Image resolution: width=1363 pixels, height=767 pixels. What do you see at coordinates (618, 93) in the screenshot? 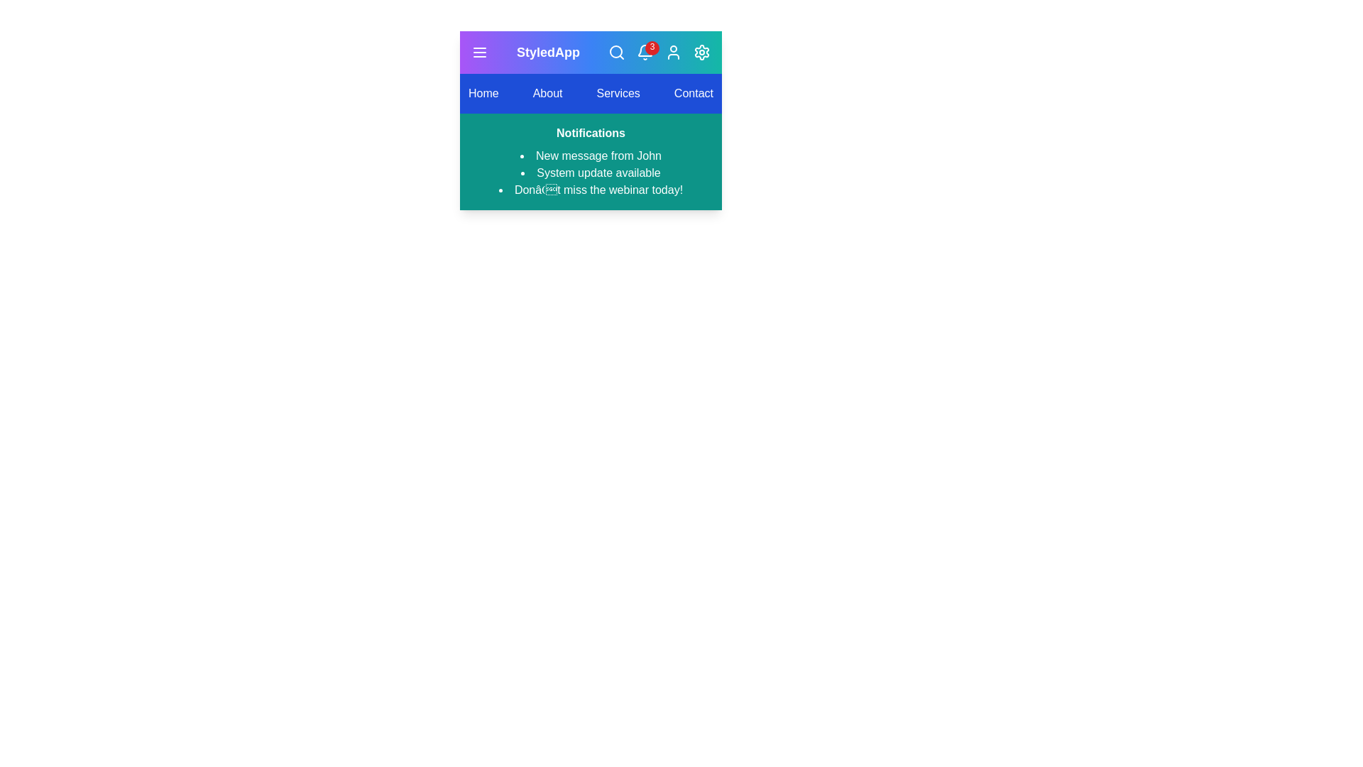
I see `the 'Services' button, which is the third item in the horizontal navigation menu located between the 'About' and 'Contact' buttons` at bounding box center [618, 93].